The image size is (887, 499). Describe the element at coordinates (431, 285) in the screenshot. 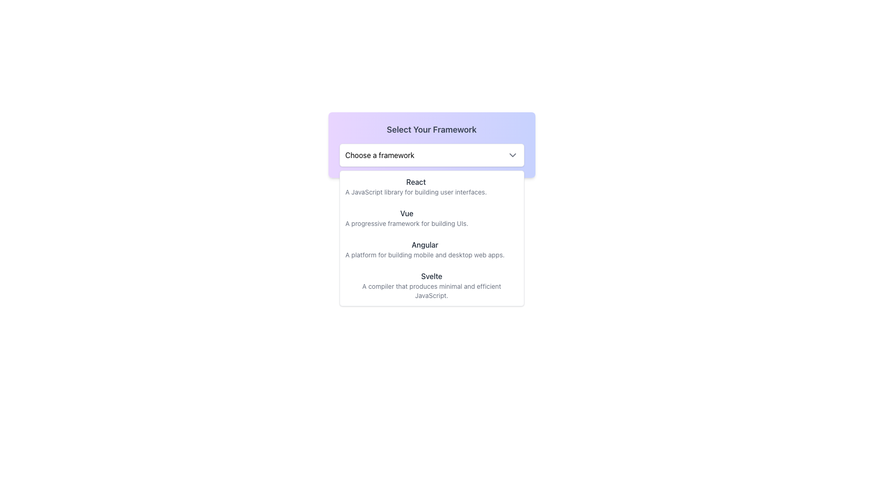

I see `the text block titled 'Svelte' with a descriptive line 'A compiler that produces minimal and efficient JavaScript' located in the fourth position under the 'Select Your Framework' heading` at that location.